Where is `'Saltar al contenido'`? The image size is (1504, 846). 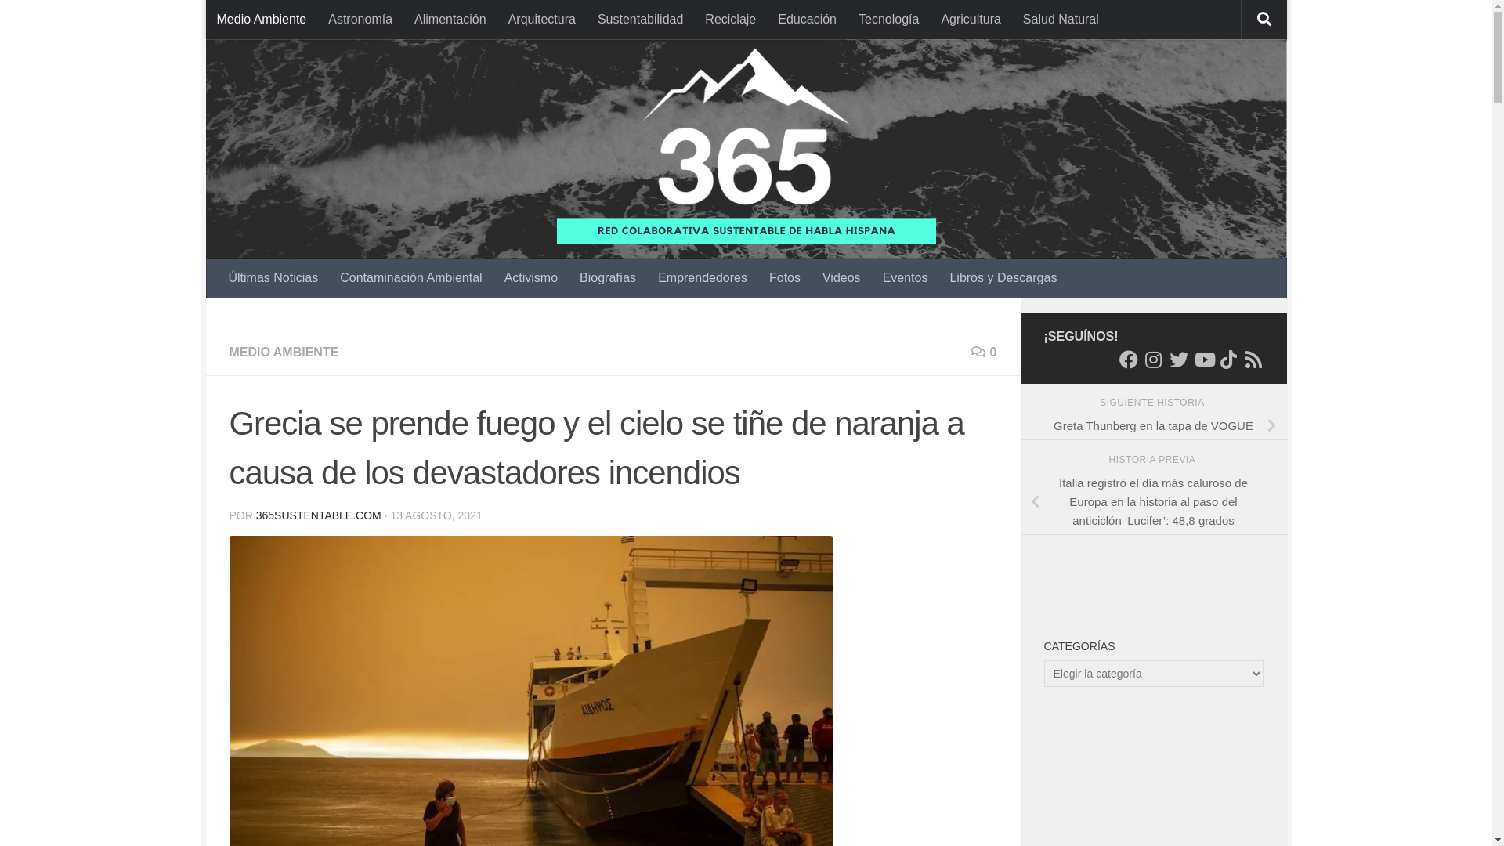 'Saltar al contenido' is located at coordinates (282, 21).